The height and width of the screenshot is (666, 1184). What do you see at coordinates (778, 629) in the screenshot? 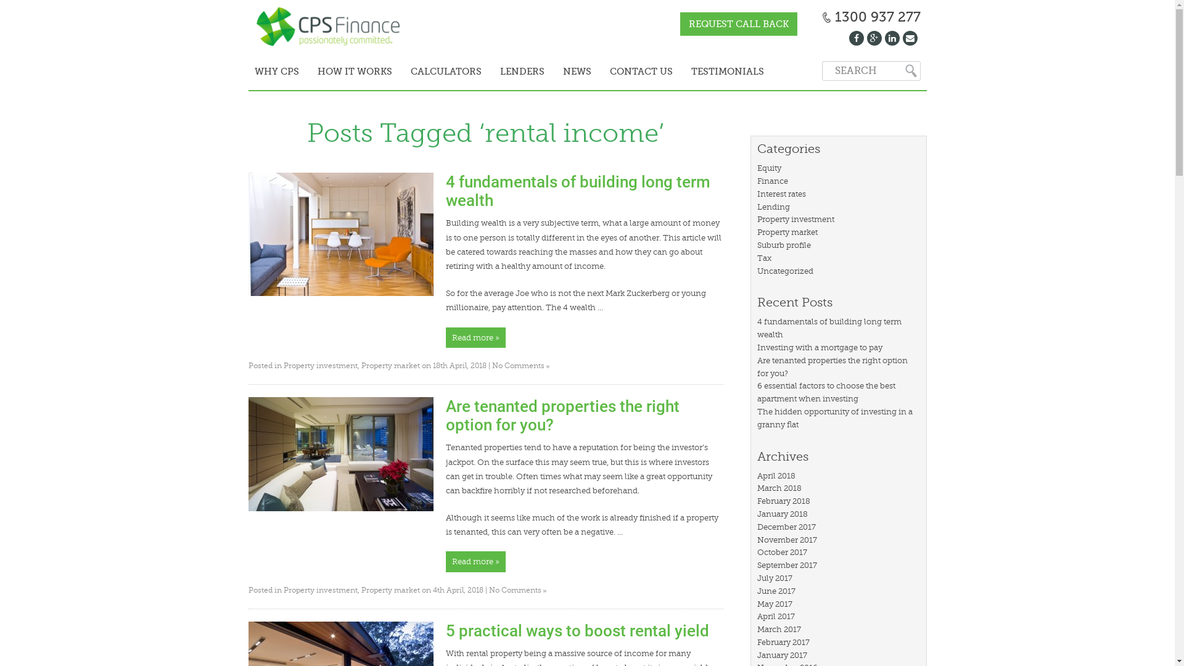
I see `'March 2017'` at bounding box center [778, 629].